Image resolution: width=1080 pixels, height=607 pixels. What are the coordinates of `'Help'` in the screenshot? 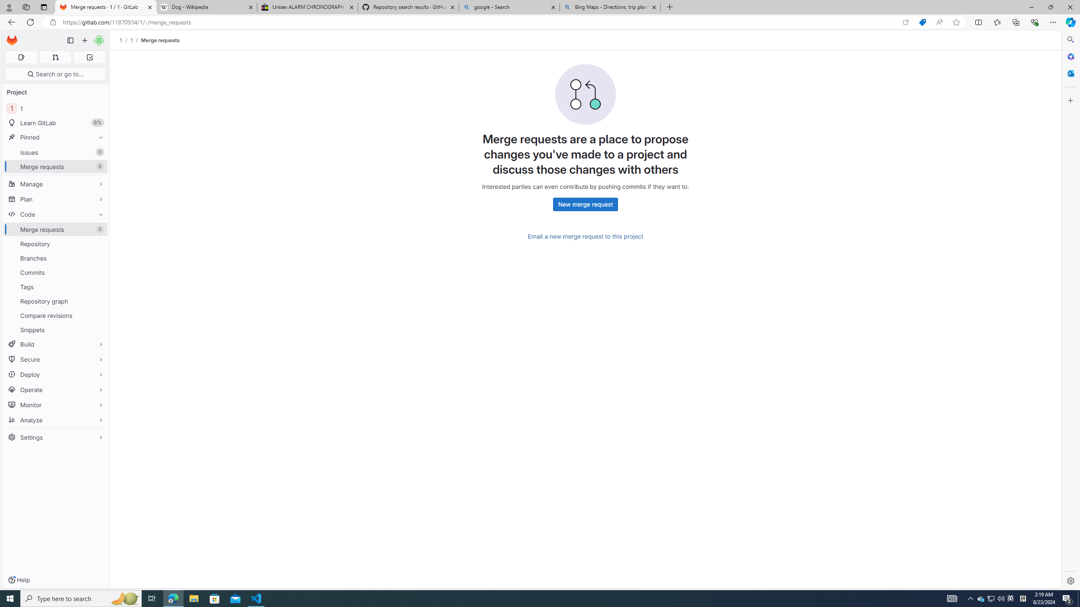 It's located at (19, 579).